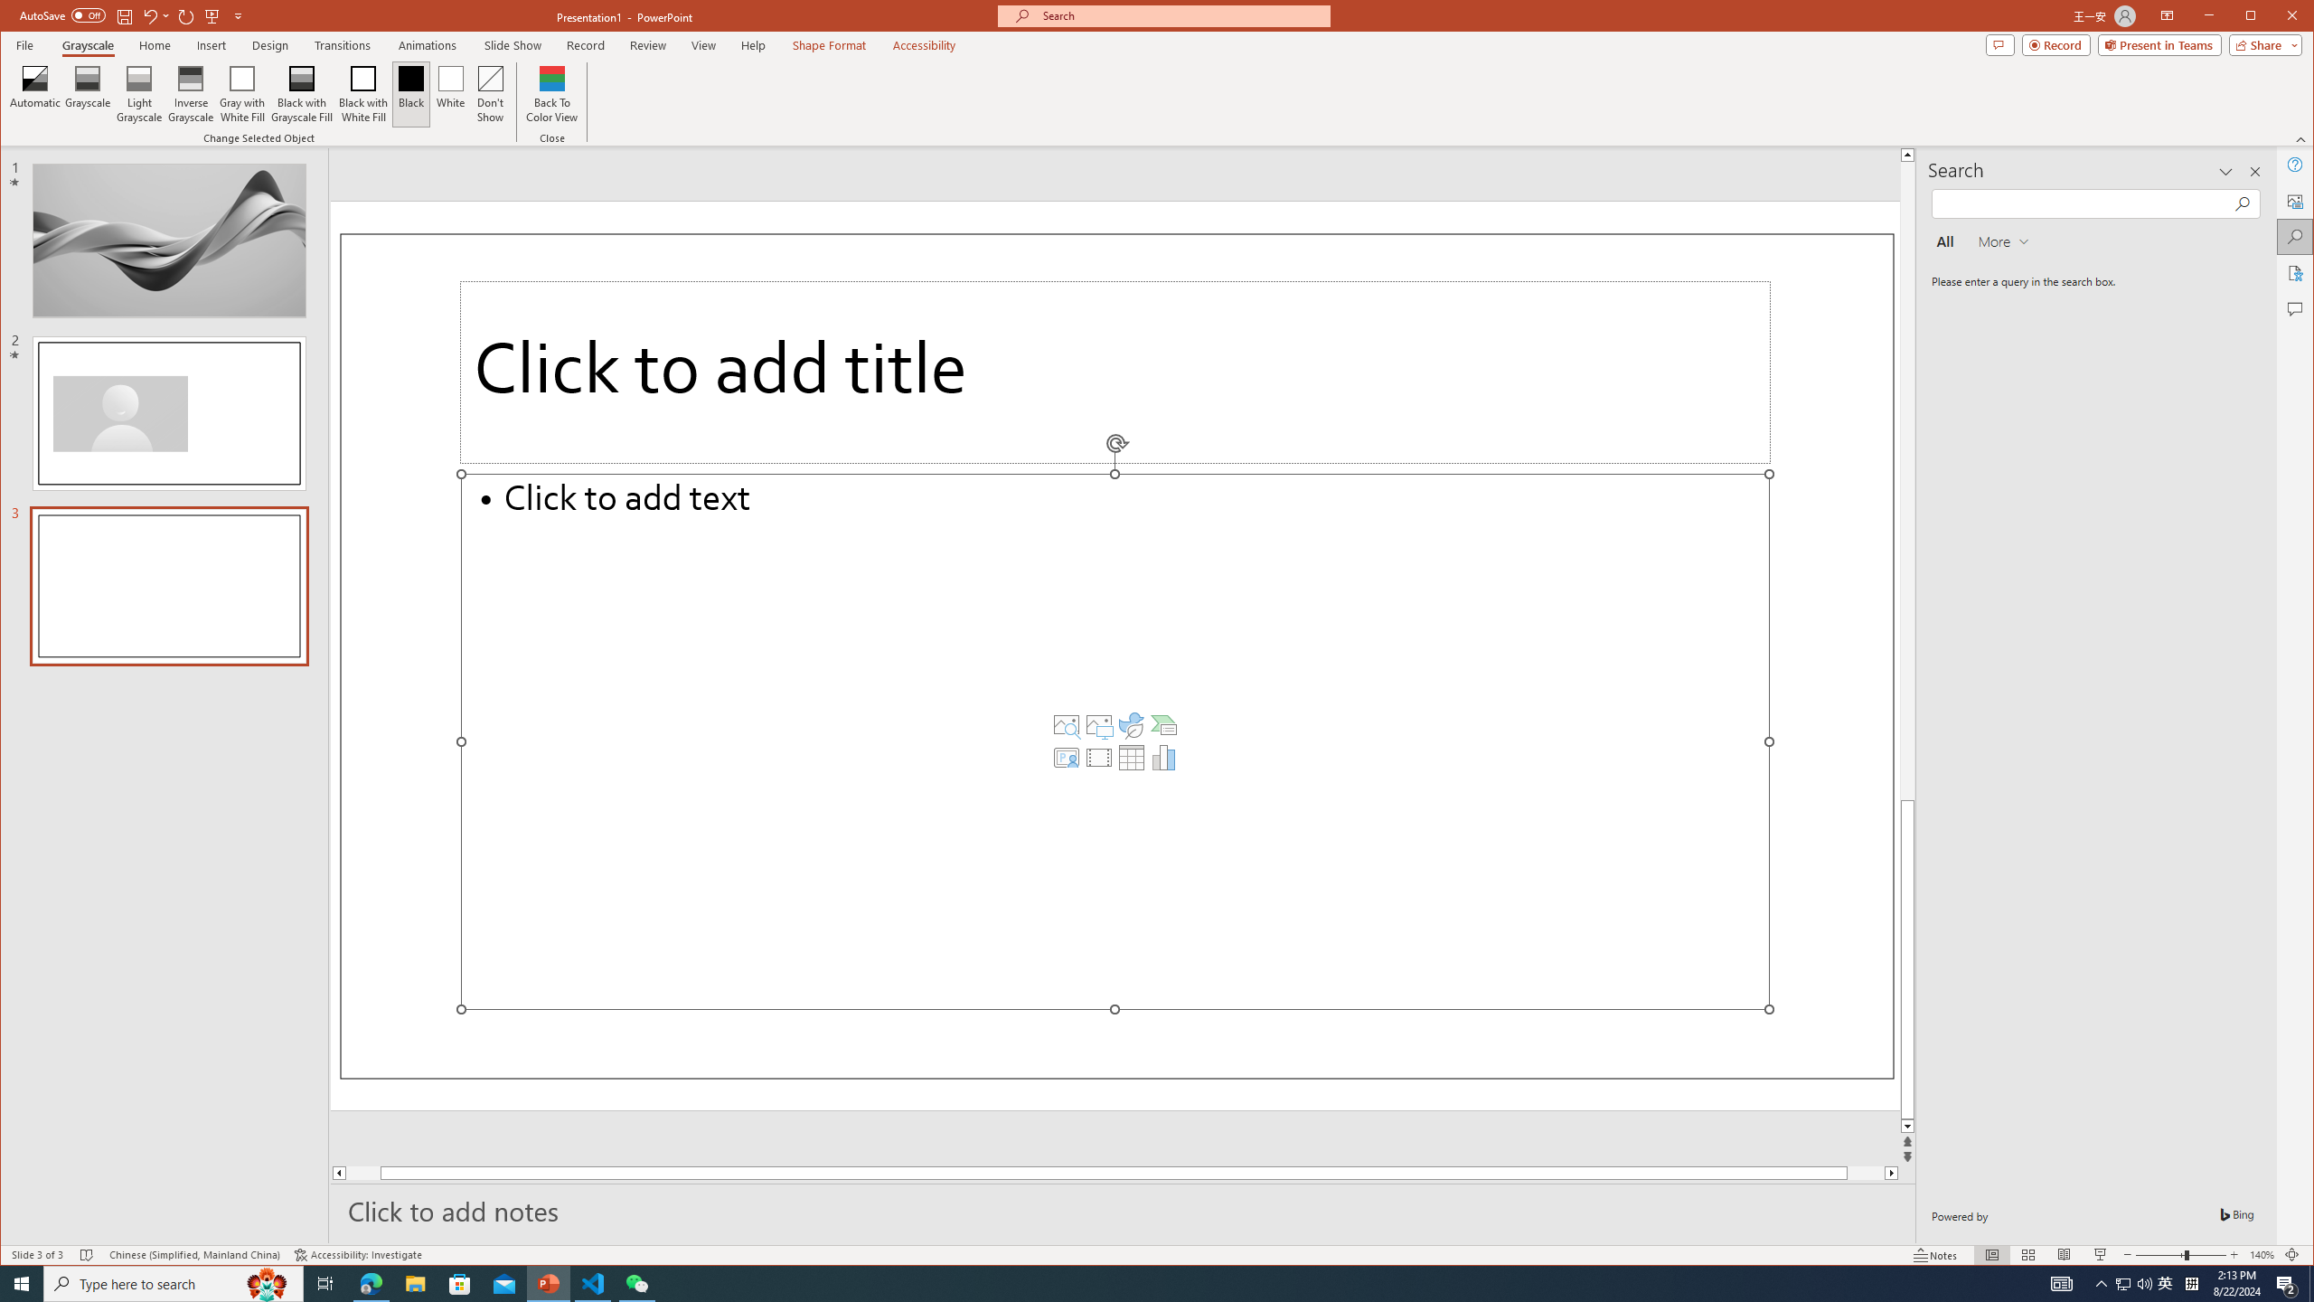  Describe the element at coordinates (185, 14) in the screenshot. I see `'Redo'` at that location.